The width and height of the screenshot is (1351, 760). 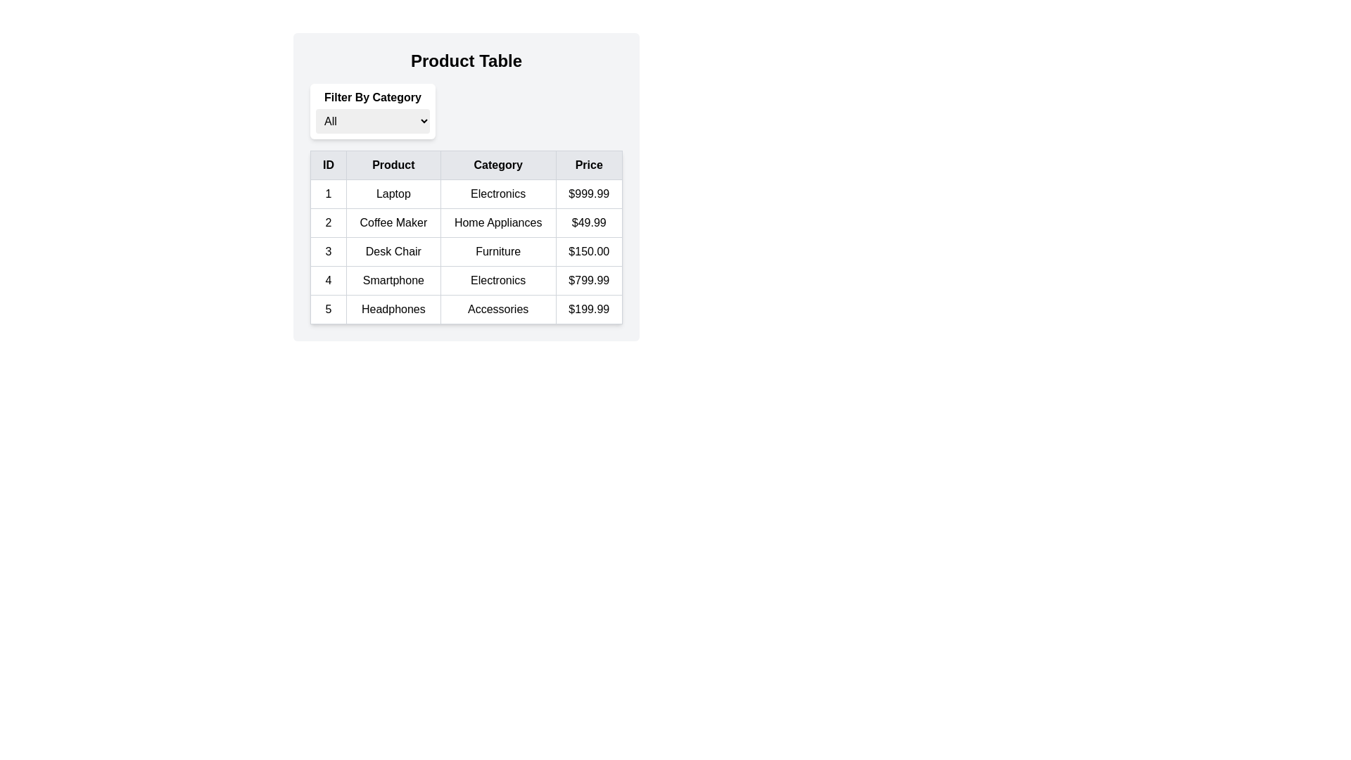 What do you see at coordinates (498, 251) in the screenshot?
I see `text displayed in the 'Category' column of the product table, specifically in the third row, which is between the 'Desk Chair' text on the left and the '$150.00' text on the right` at bounding box center [498, 251].